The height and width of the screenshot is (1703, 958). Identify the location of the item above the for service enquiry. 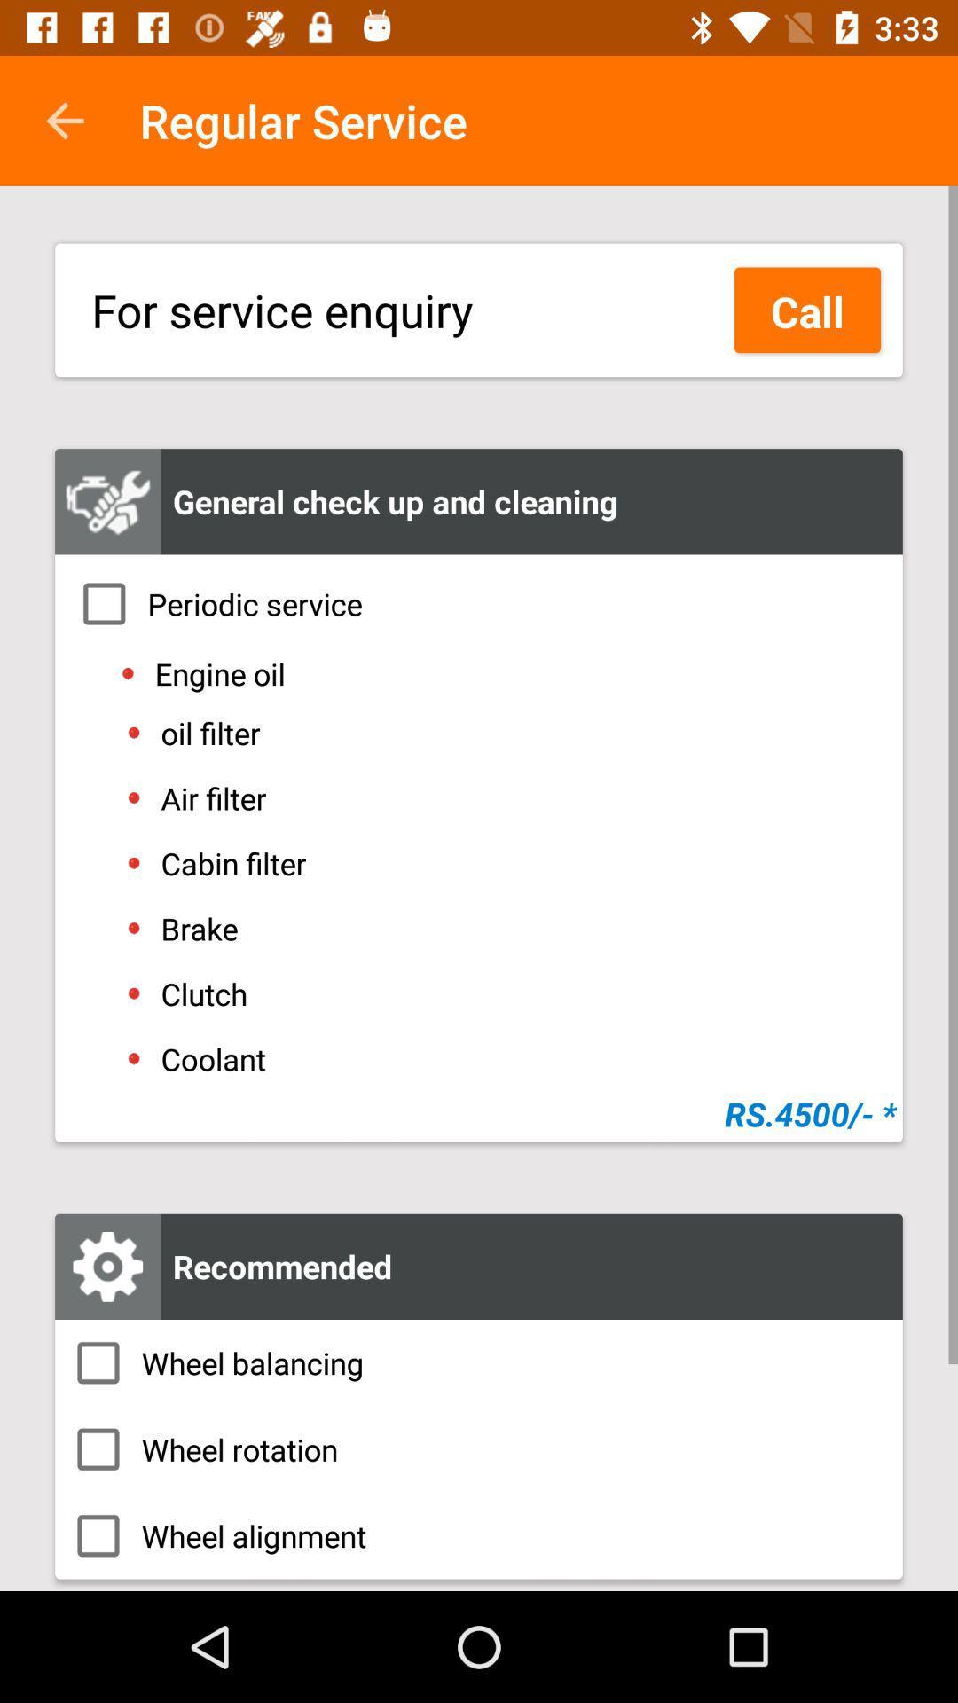
(64, 120).